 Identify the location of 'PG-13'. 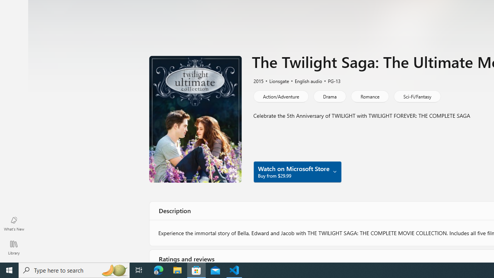
(331, 80).